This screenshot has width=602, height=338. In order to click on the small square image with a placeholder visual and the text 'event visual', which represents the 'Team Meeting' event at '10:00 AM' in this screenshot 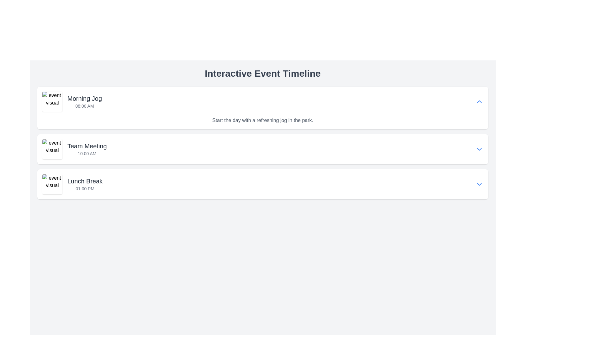, I will do `click(52, 149)`.